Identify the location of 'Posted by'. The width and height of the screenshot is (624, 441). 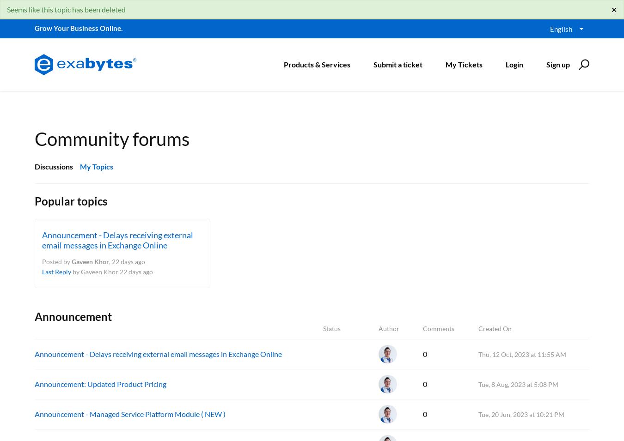
(56, 261).